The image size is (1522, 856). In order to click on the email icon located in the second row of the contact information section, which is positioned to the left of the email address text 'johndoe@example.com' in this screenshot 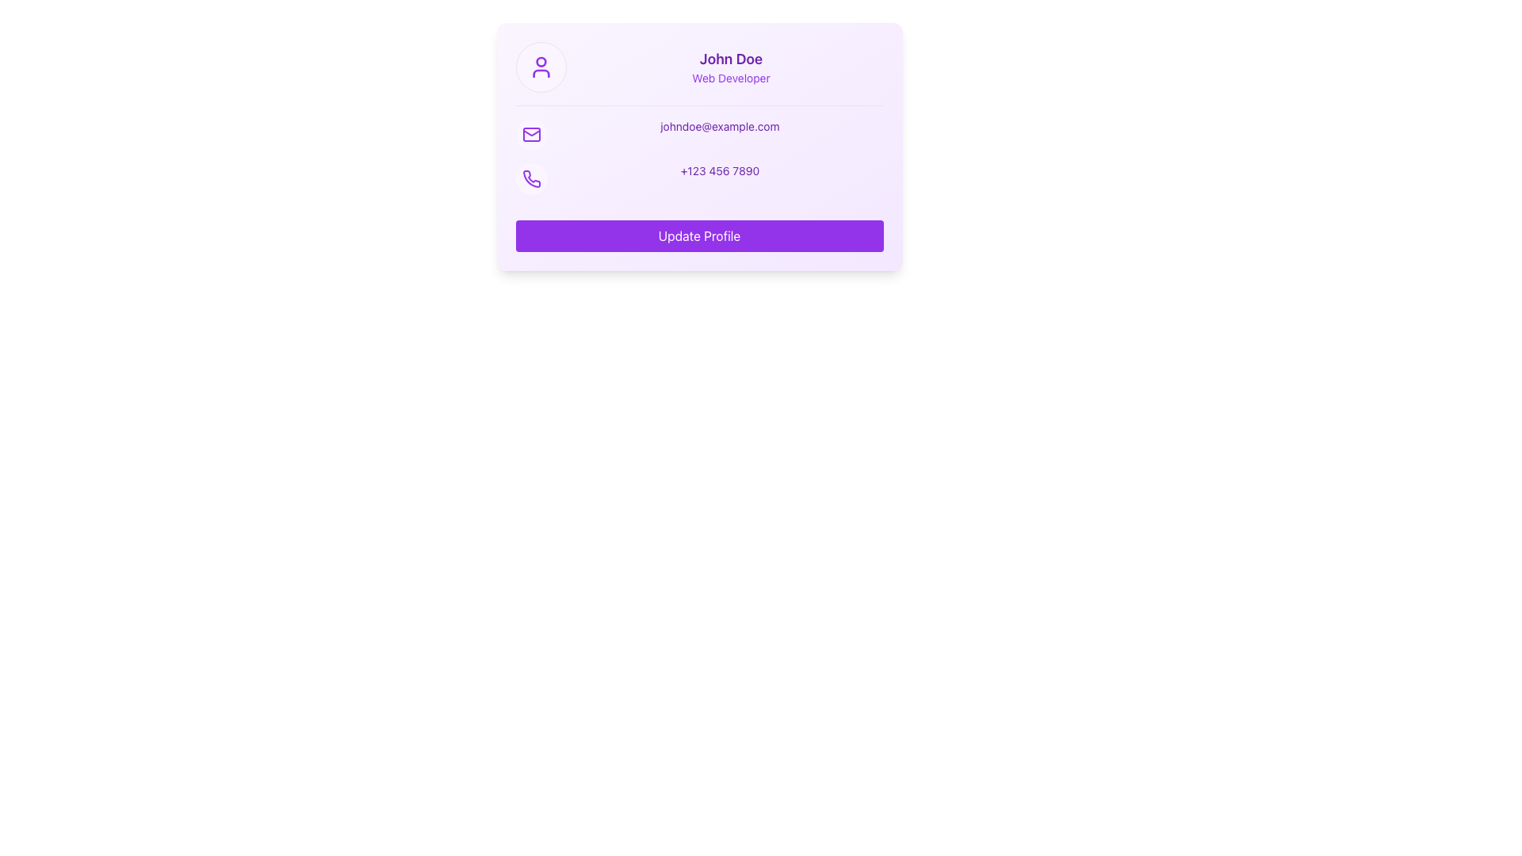, I will do `click(531, 133)`.